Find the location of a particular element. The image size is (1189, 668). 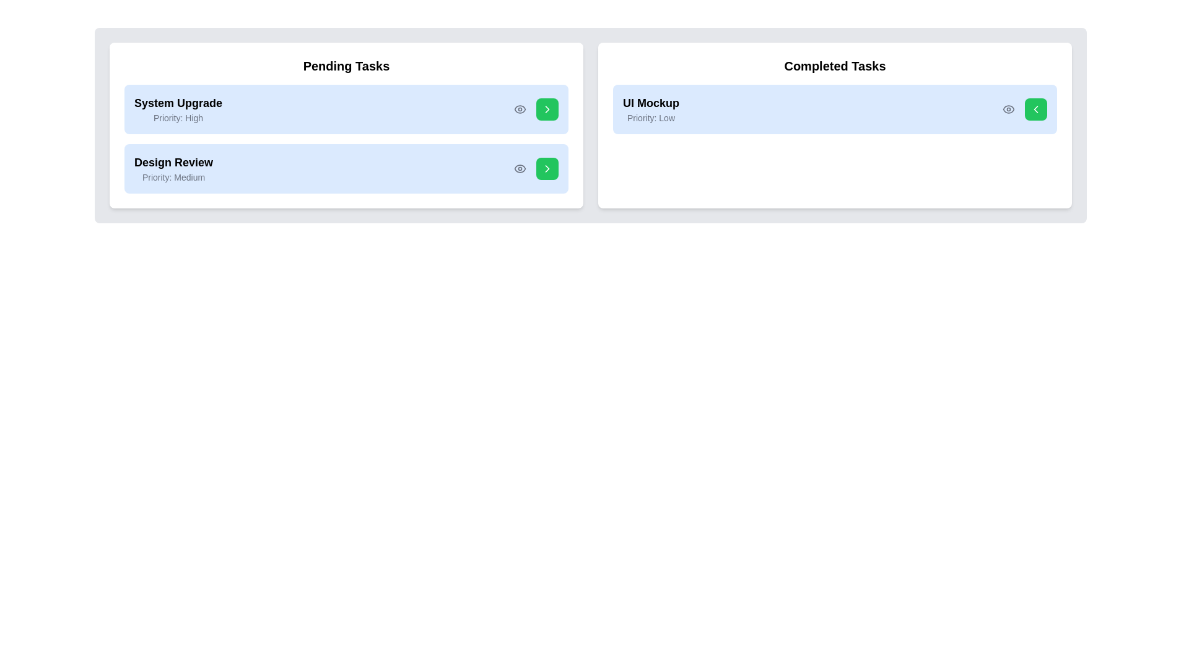

the eye icon next to the task Design Review to view its details is located at coordinates (520, 169).